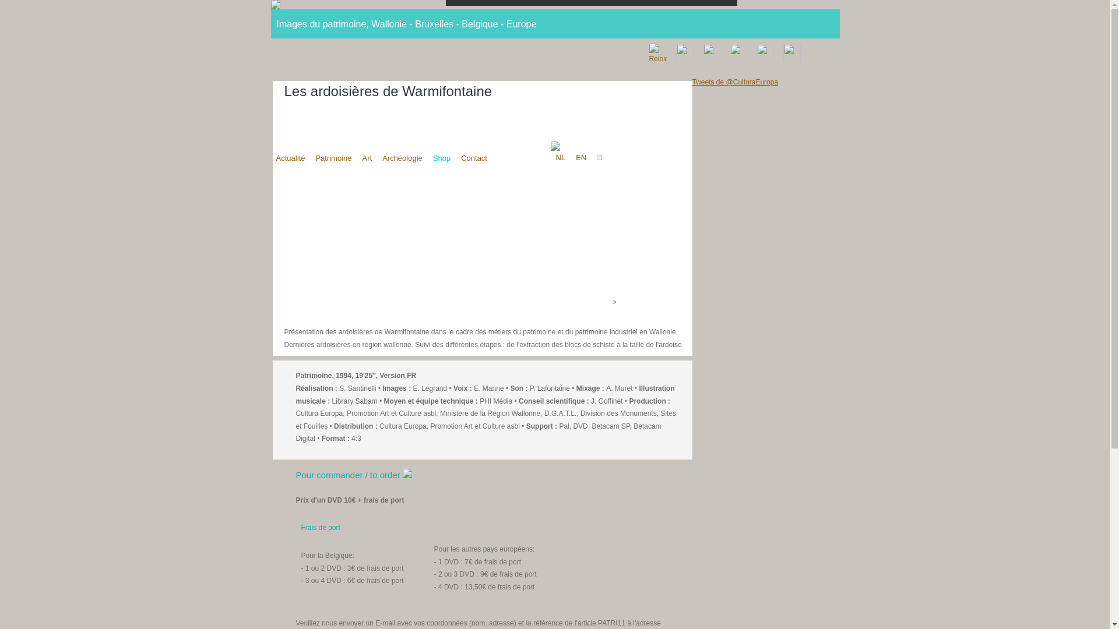 This screenshot has width=1119, height=629. Describe the element at coordinates (367, 158) in the screenshot. I see `'Art'` at that location.